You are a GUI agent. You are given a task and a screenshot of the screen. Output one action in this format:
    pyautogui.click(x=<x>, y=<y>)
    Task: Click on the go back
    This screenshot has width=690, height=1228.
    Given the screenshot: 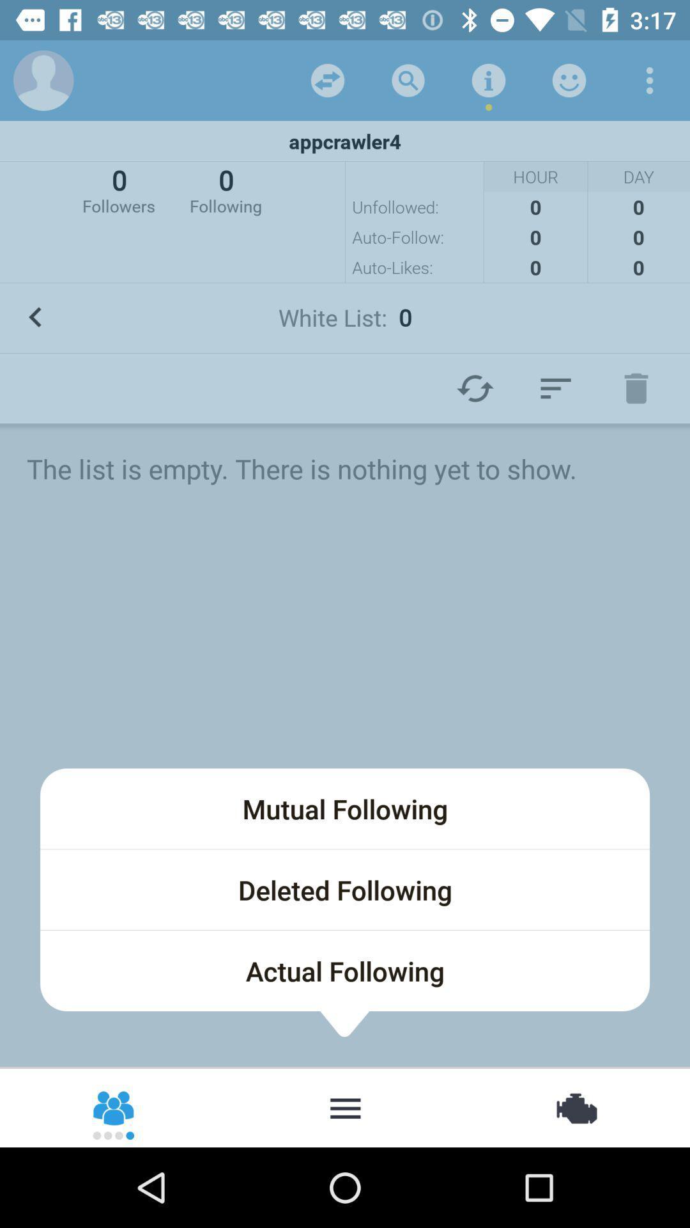 What is the action you would take?
    pyautogui.click(x=650, y=79)
    